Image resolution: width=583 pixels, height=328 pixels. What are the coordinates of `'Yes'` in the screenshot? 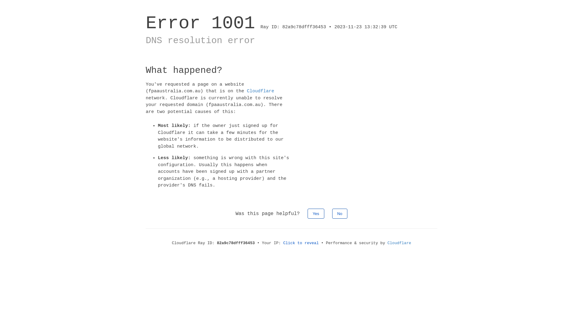 It's located at (316, 213).